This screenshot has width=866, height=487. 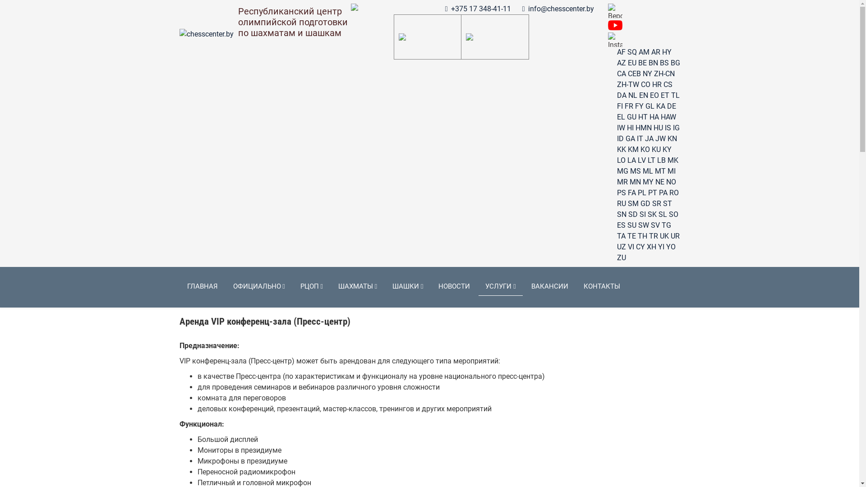 What do you see at coordinates (631, 225) in the screenshot?
I see `'SU'` at bounding box center [631, 225].